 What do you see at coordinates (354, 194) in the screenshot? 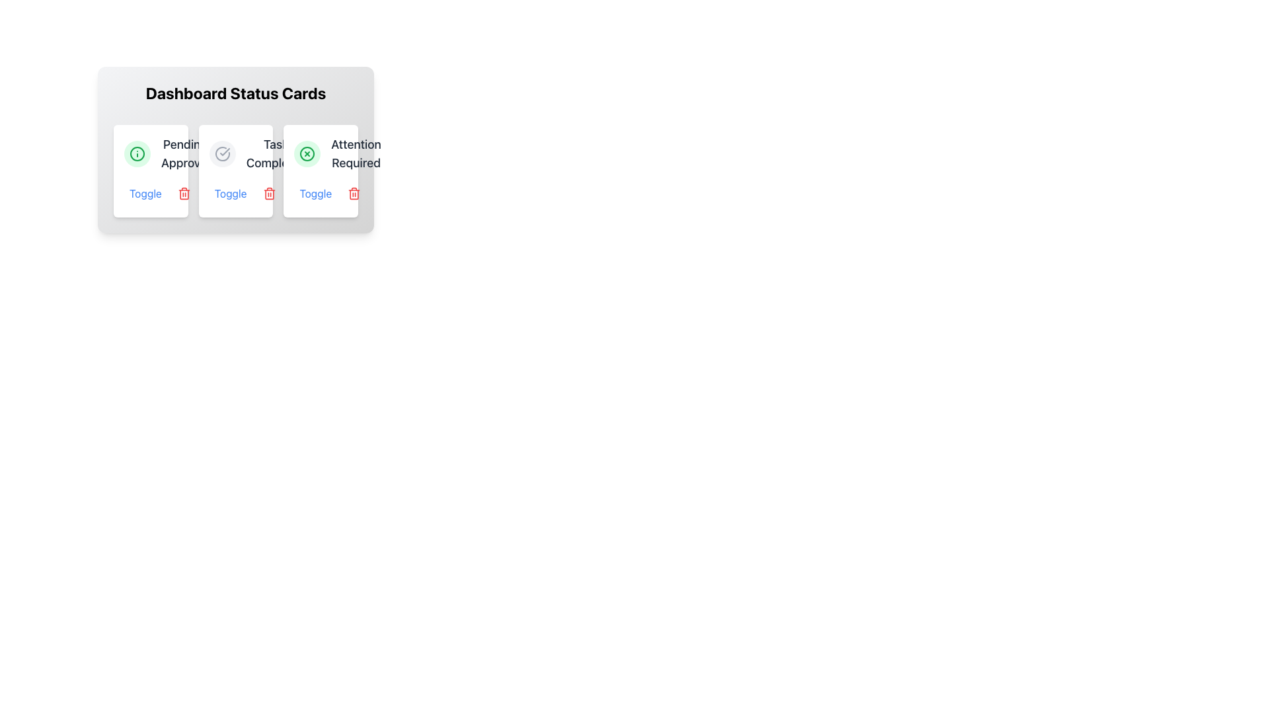
I see `the trash bin icon button located at the bottom-right corner of the third card under 'Dashboard Status Cards'` at bounding box center [354, 194].